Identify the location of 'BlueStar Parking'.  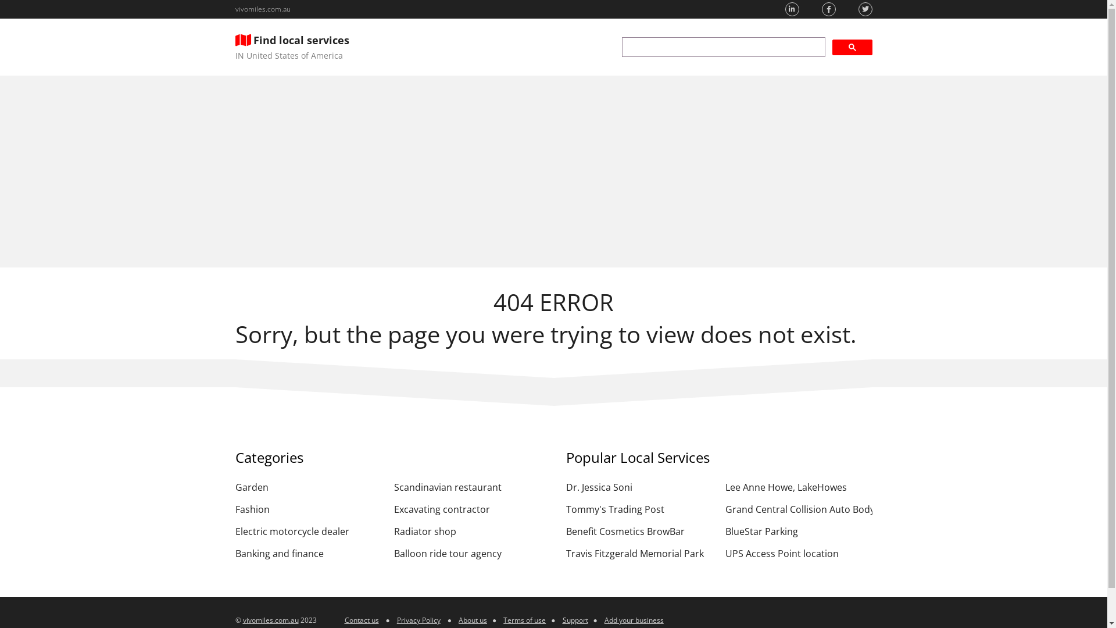
(798, 531).